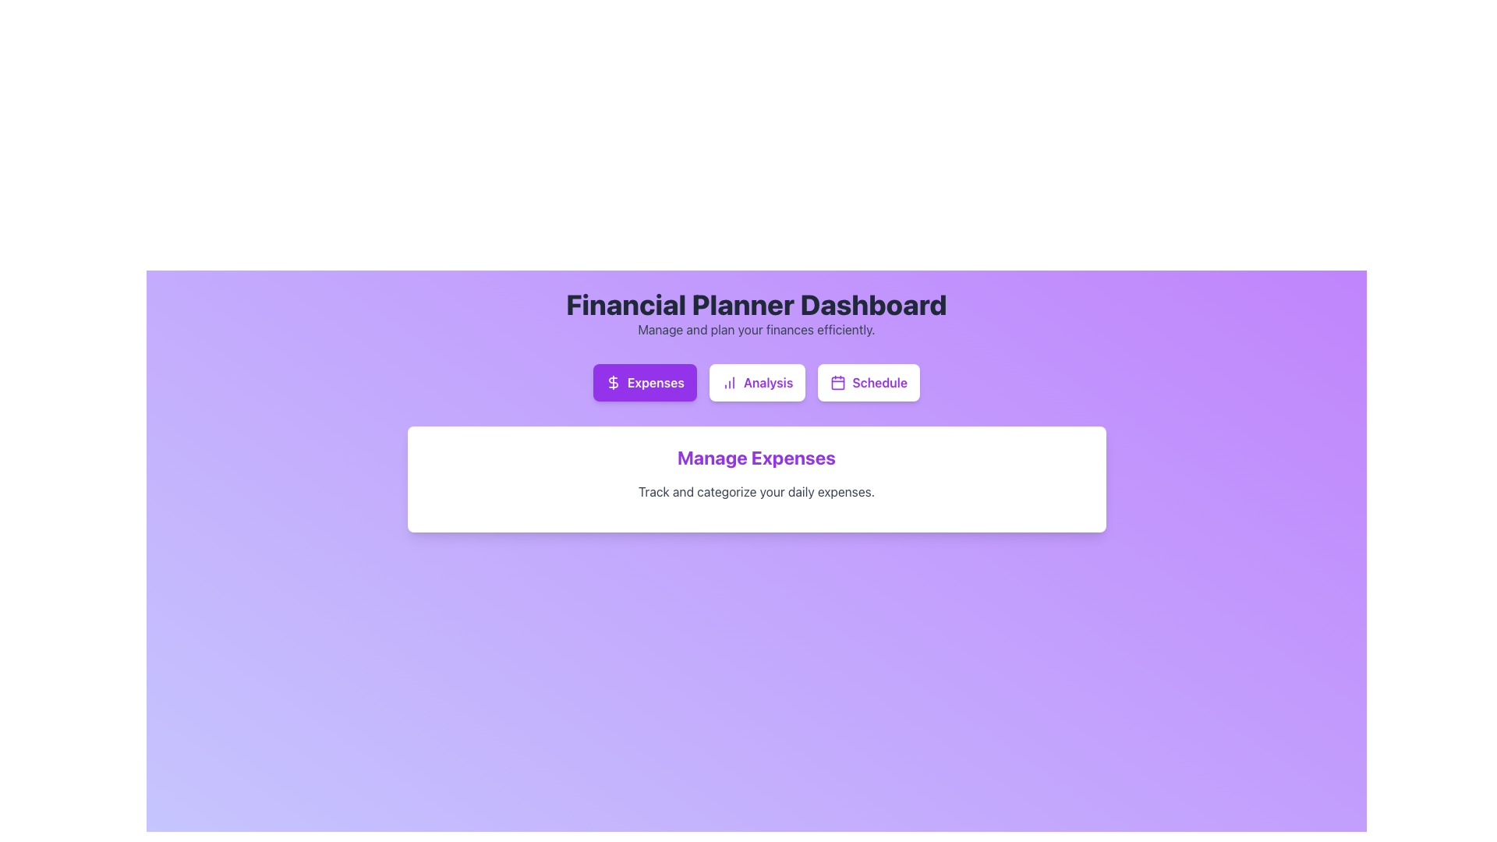 Image resolution: width=1497 pixels, height=842 pixels. What do you see at coordinates (756, 304) in the screenshot?
I see `prominently displayed title text 'Financial Planner Dashboard' which is a large, bold text at the top center of the page` at bounding box center [756, 304].